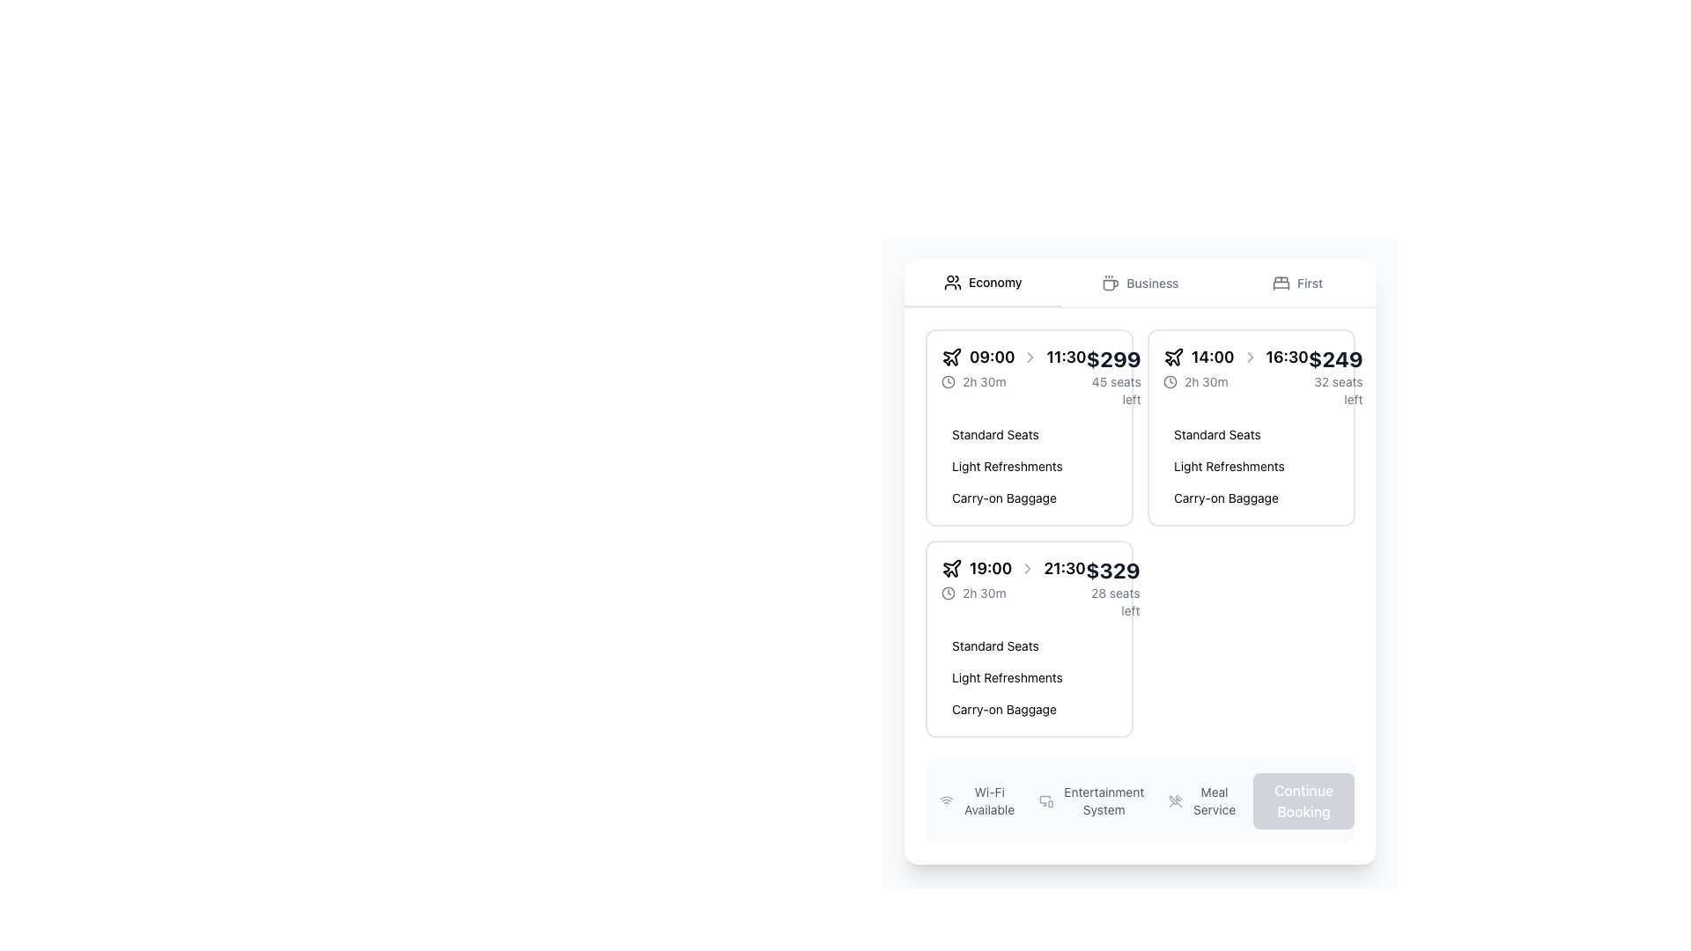  What do you see at coordinates (950, 568) in the screenshot?
I see `the small blue airplane icon located to the left of the '19:00' text, which serves as a visual identifier for flight times` at bounding box center [950, 568].